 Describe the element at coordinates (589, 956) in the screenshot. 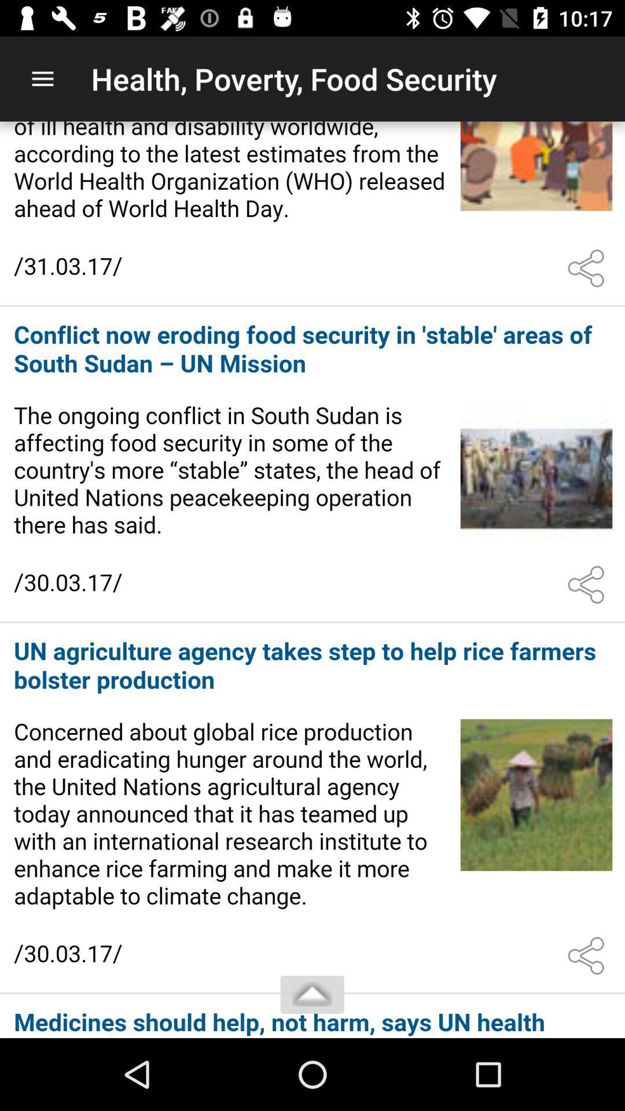

I see `share the article` at that location.